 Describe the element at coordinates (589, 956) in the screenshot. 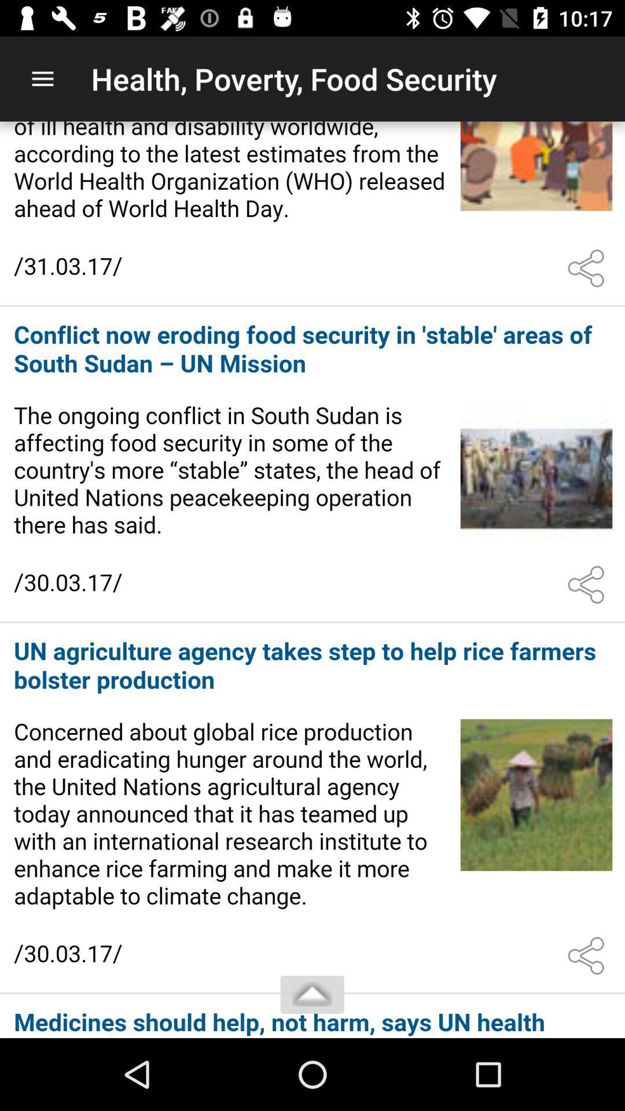

I see `share the article` at that location.